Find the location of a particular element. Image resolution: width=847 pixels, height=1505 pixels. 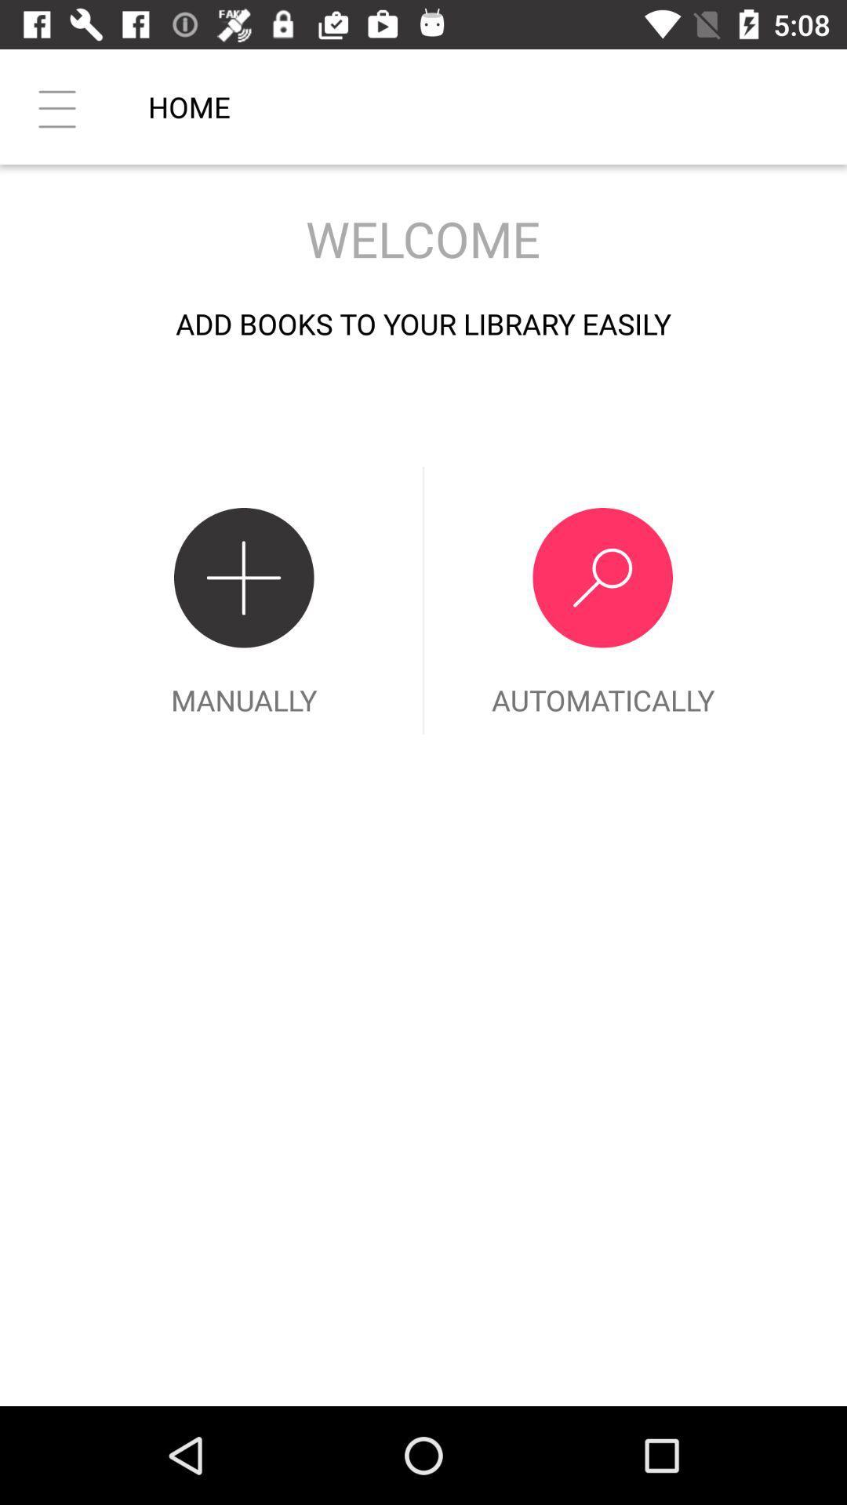

manually icon is located at coordinates (244, 600).